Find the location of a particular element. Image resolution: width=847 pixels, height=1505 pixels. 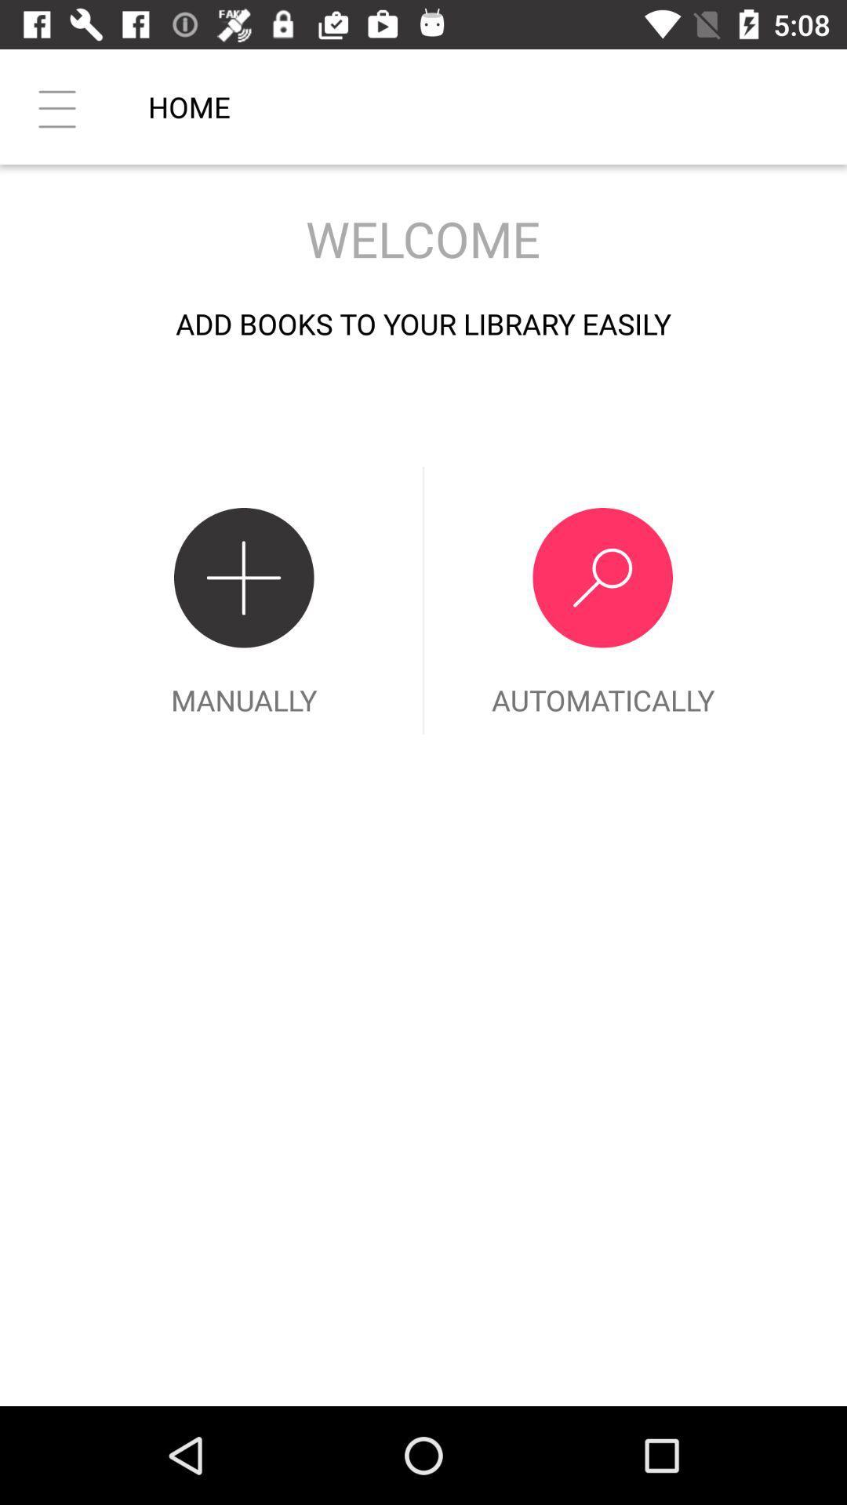

manually icon is located at coordinates (244, 600).